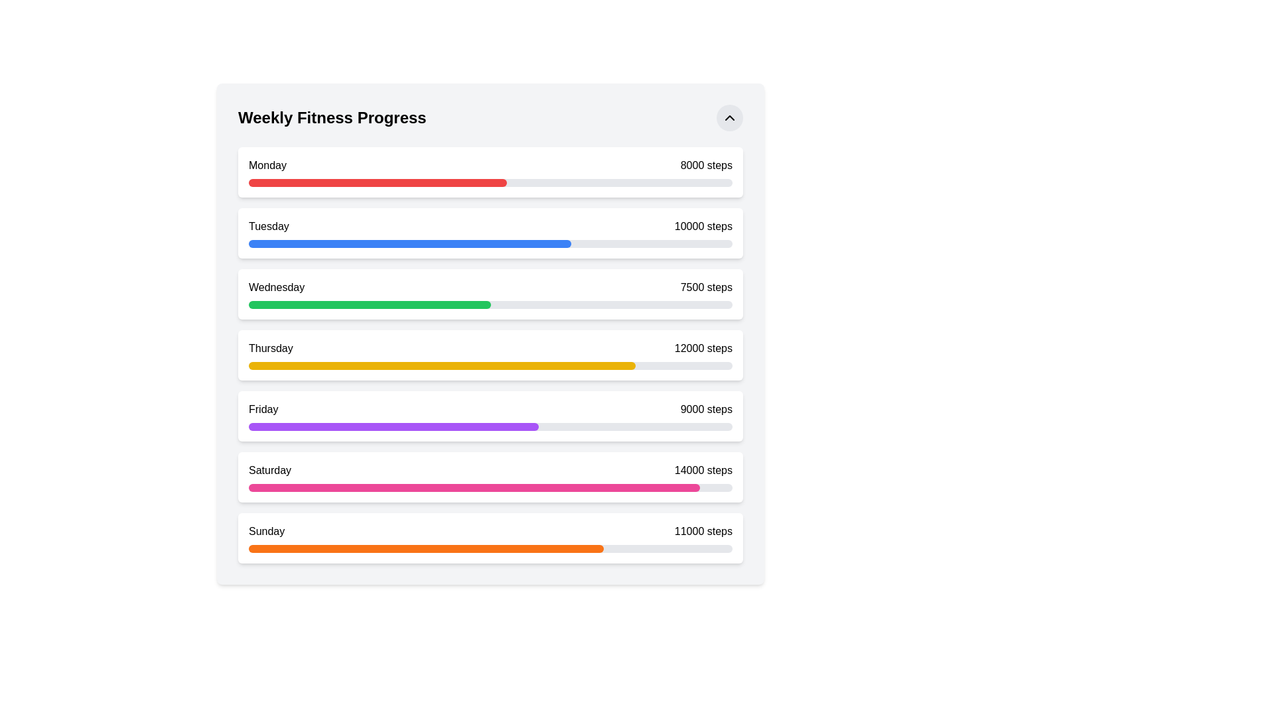 This screenshot has height=716, width=1274. Describe the element at coordinates (270, 347) in the screenshot. I see `text label indicating 'Thursday', which is positioned in the fourth row of the sequence of days, between 'Wednesday' and 'Friday'` at that location.